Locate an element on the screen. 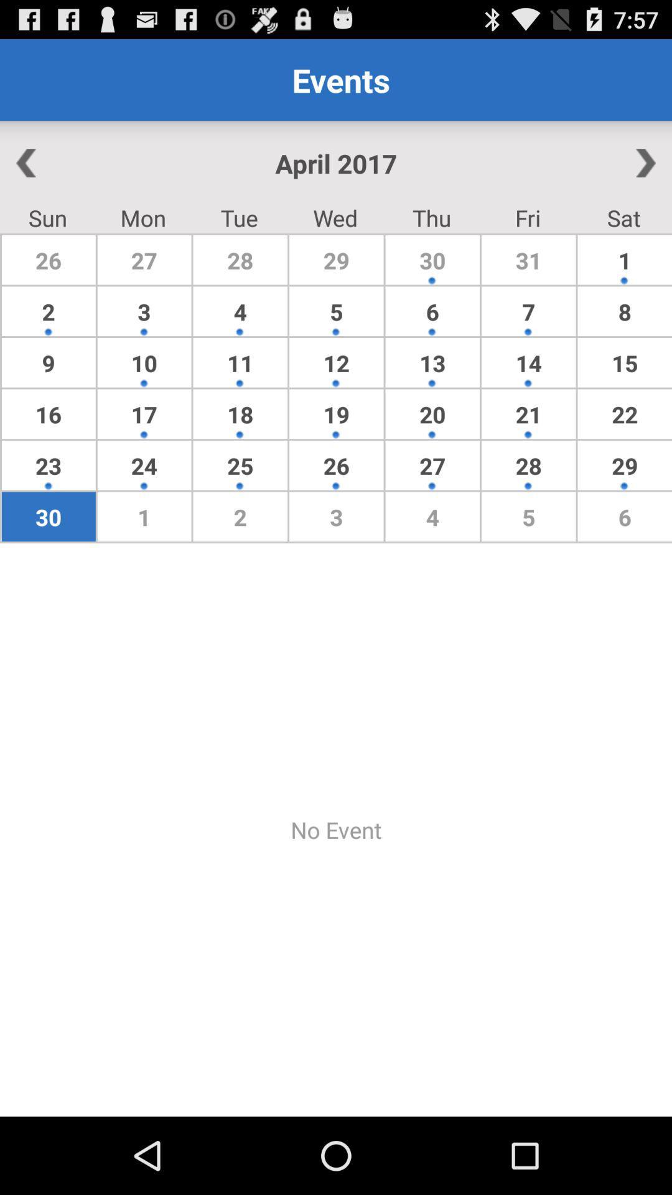 This screenshot has height=1195, width=672. icon to the left of 18 is located at coordinates (144, 464).